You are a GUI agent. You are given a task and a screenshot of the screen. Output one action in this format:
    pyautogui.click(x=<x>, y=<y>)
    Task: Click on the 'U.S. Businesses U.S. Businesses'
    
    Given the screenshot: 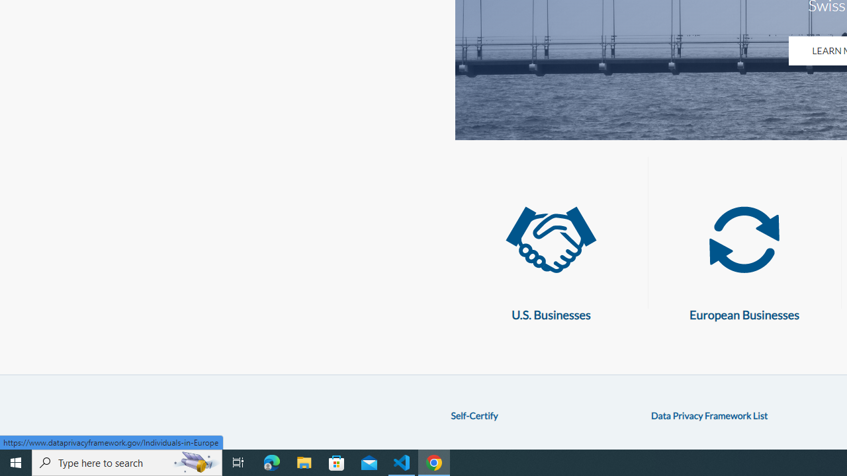 What is the action you would take?
    pyautogui.click(x=551, y=257)
    